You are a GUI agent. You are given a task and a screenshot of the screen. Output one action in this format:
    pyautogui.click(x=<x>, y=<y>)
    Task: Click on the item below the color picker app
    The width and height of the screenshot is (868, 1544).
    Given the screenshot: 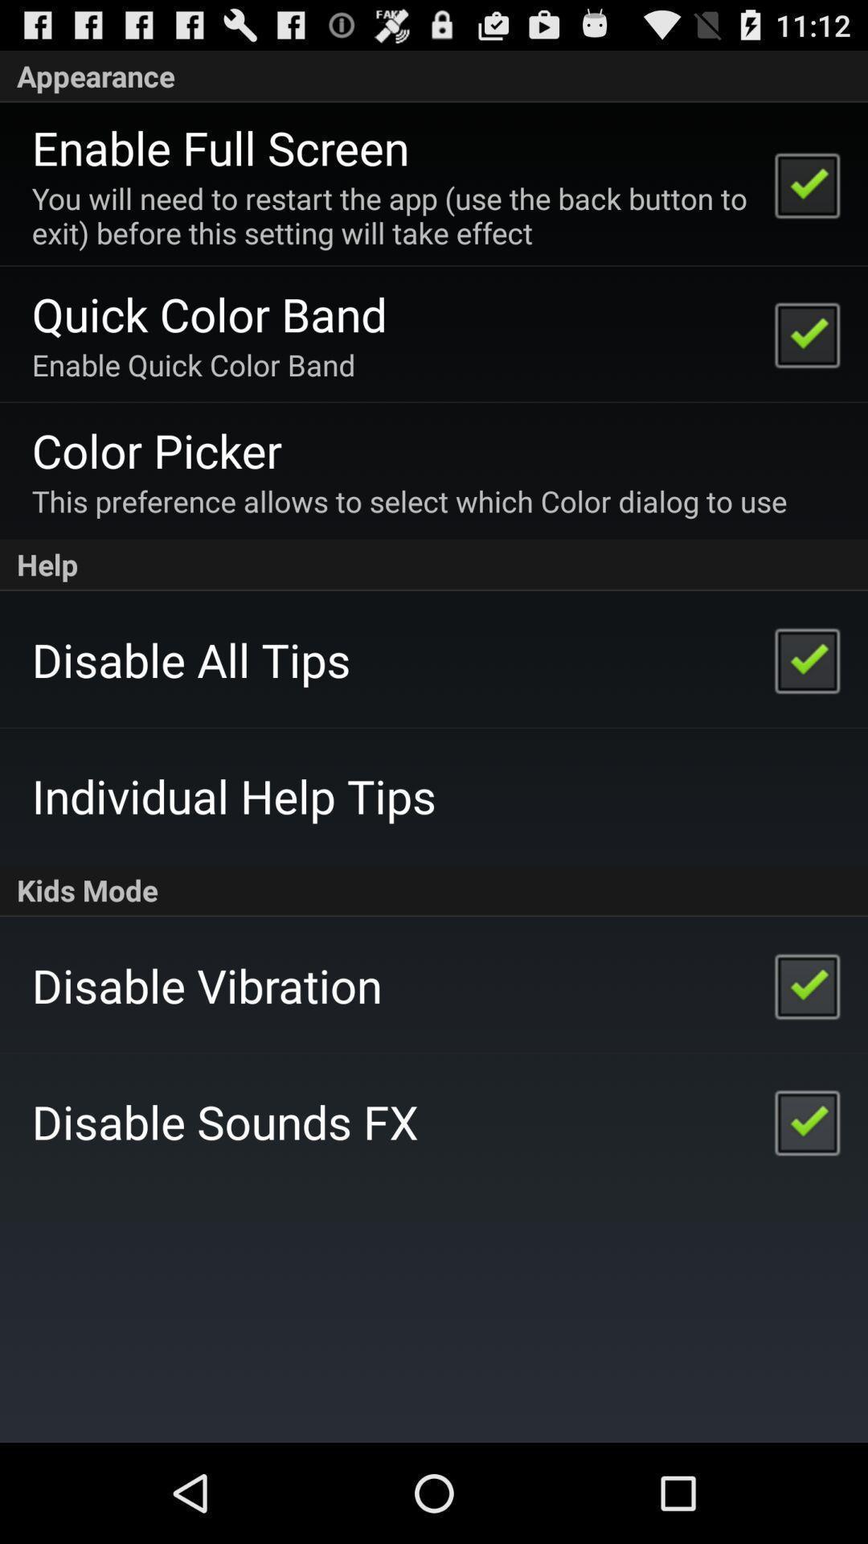 What is the action you would take?
    pyautogui.click(x=408, y=500)
    